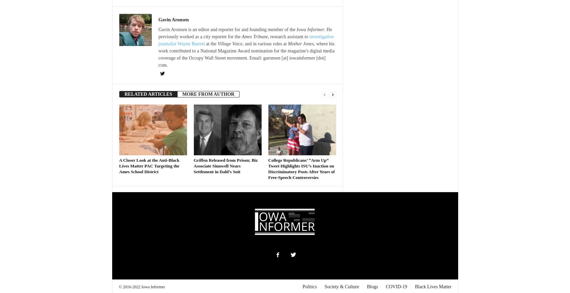 This screenshot has height=293, width=570. What do you see at coordinates (211, 44) in the screenshot?
I see `'at the'` at bounding box center [211, 44].